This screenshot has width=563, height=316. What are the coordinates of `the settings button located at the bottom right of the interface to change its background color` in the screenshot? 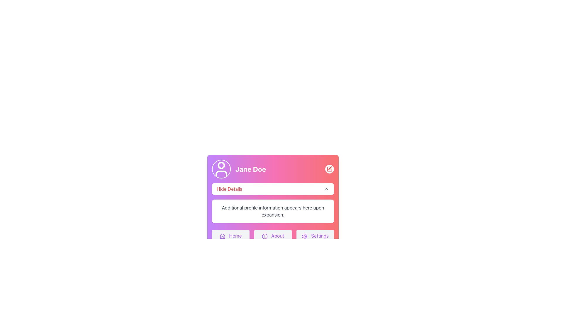 It's located at (315, 236).